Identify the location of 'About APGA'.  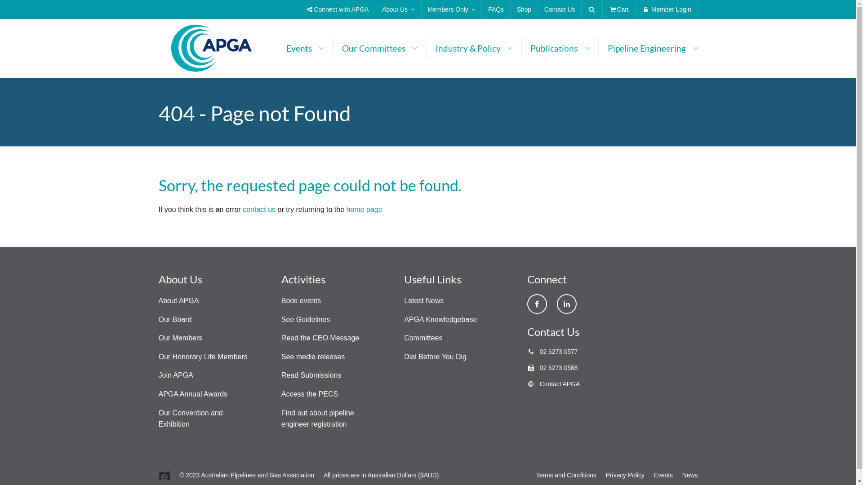
(158, 300).